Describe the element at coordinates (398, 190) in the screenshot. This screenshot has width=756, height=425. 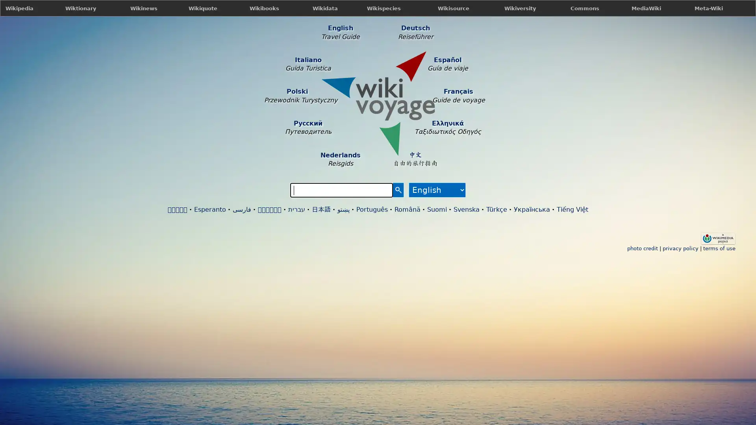
I see `Search` at that location.